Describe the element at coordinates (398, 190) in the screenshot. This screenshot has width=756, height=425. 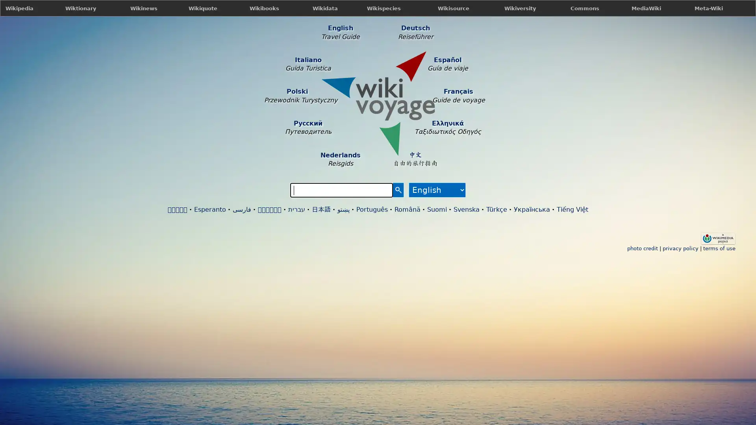
I see `Search` at that location.